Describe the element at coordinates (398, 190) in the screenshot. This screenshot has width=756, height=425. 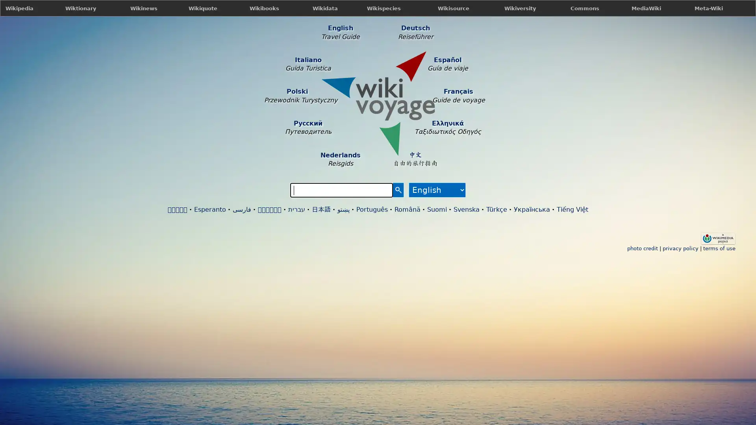
I see `Search` at that location.